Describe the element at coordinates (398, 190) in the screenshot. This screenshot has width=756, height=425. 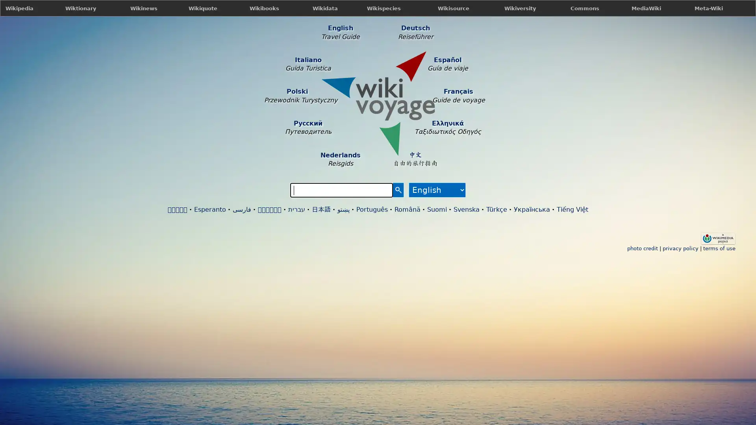
I see `Search` at that location.